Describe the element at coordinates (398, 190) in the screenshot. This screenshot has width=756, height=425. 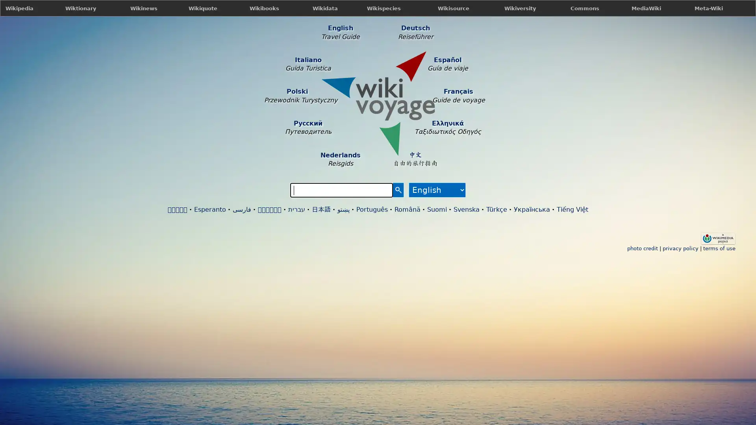
I see `Search` at that location.